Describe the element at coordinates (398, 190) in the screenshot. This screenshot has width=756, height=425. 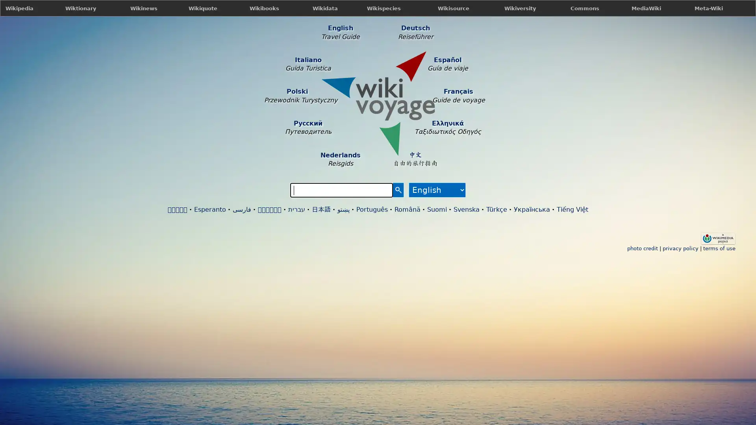
I see `Search` at that location.